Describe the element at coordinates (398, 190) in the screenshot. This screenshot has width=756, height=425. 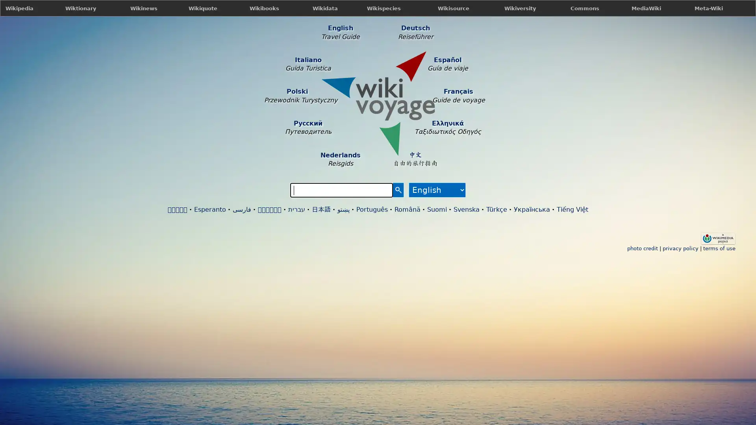
I see `Search` at that location.